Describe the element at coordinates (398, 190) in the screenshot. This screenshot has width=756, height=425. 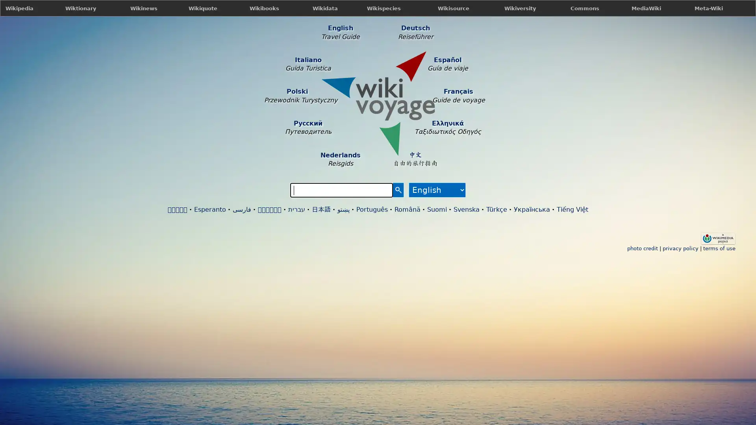
I see `Search` at that location.